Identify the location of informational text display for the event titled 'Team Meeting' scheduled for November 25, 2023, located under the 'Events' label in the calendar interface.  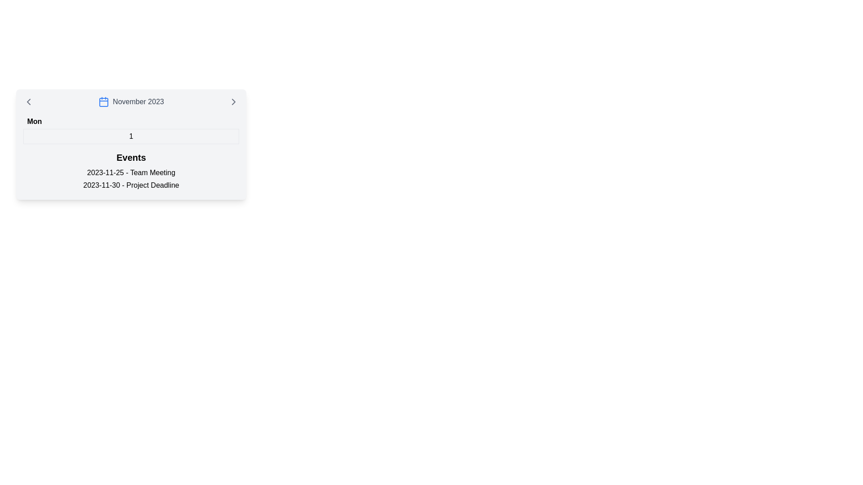
(131, 172).